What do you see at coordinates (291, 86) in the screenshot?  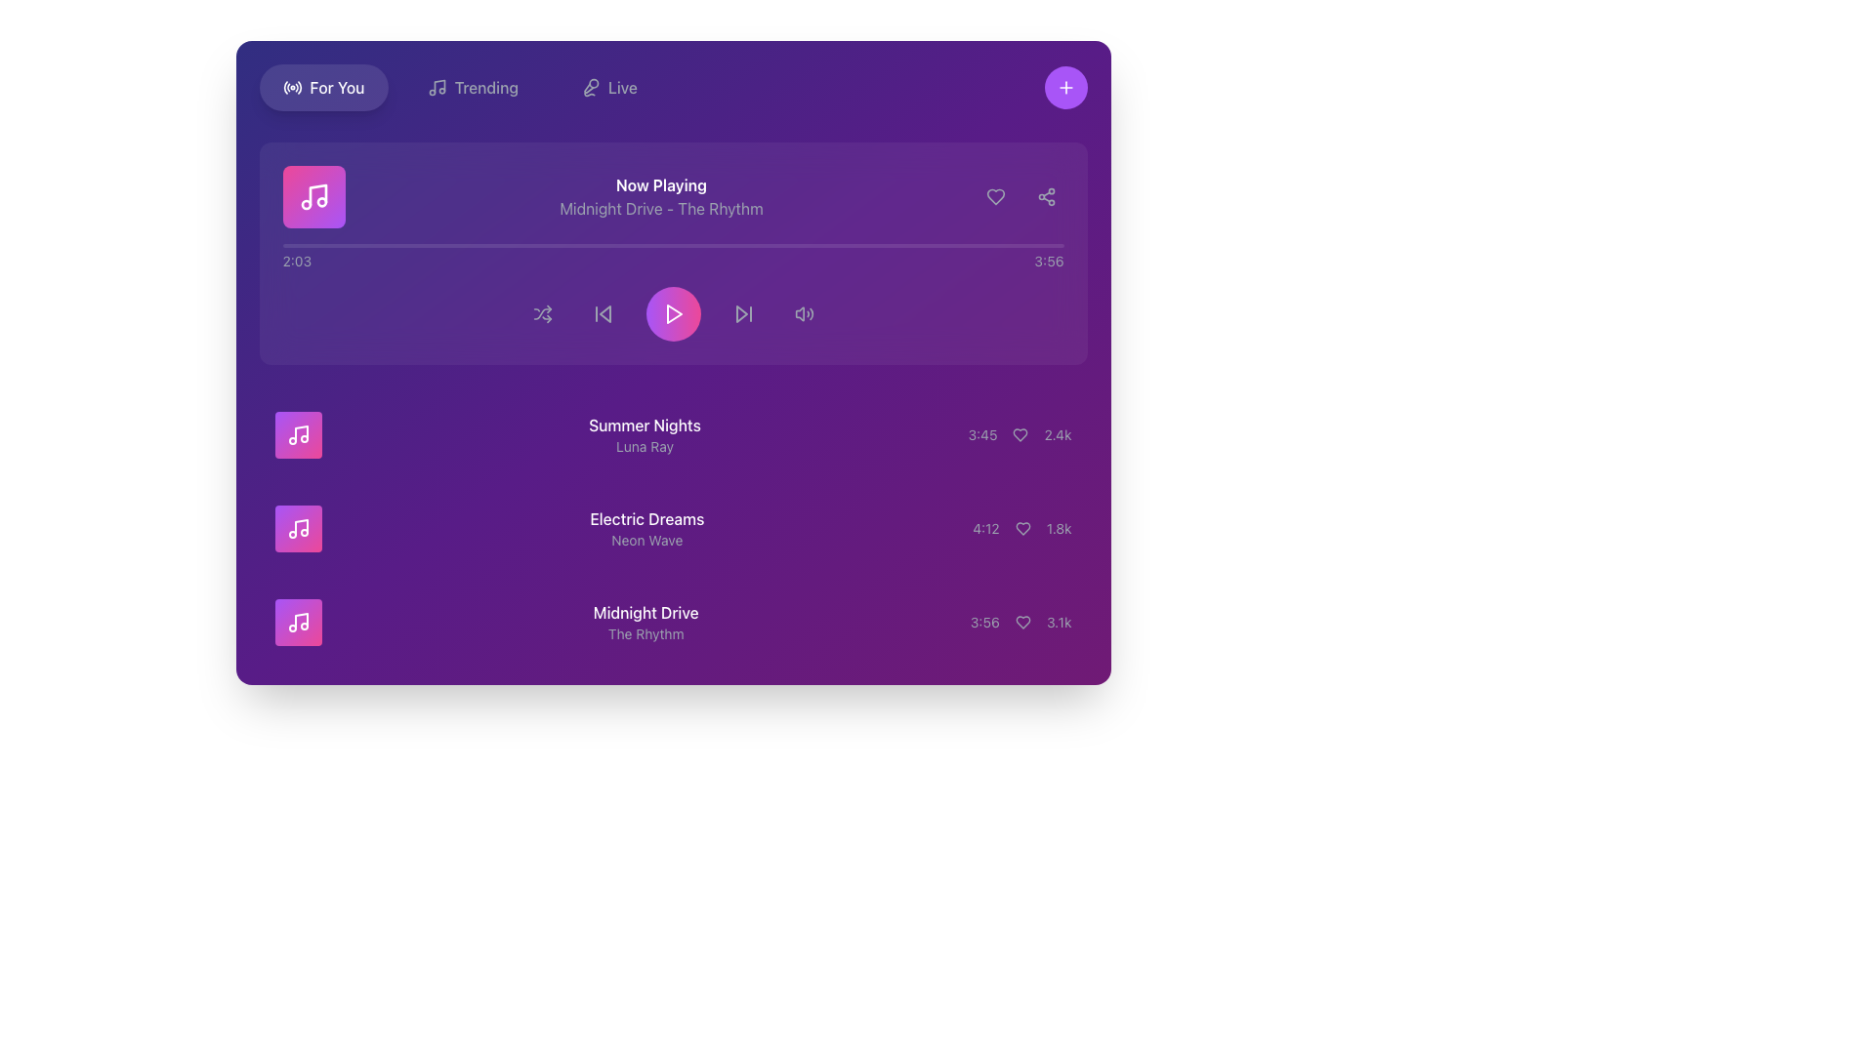 I see `the first icon of the 'For You' tab button located at the top left corner of the interface` at bounding box center [291, 86].